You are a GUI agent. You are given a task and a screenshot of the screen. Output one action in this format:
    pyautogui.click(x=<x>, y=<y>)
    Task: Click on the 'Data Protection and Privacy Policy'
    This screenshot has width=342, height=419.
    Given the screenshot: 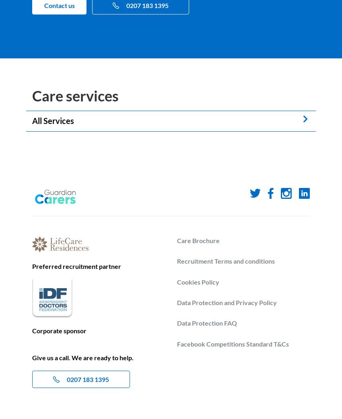 What is the action you would take?
    pyautogui.click(x=227, y=302)
    